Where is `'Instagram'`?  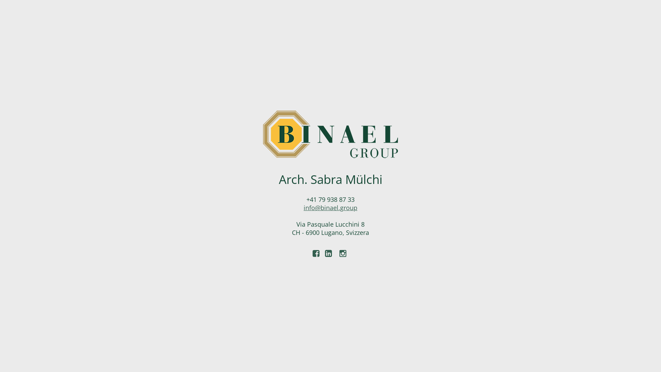 'Instagram' is located at coordinates (344, 252).